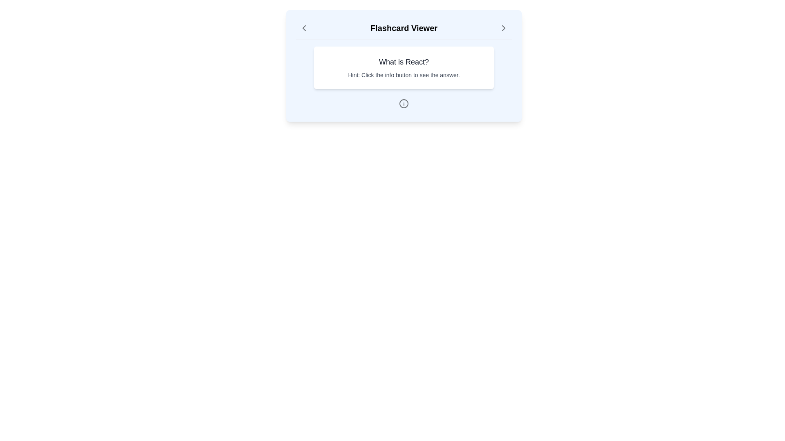 The image size is (785, 441). What do you see at coordinates (404, 103) in the screenshot?
I see `the Information or Hint icon located at the center of the card's lower section` at bounding box center [404, 103].